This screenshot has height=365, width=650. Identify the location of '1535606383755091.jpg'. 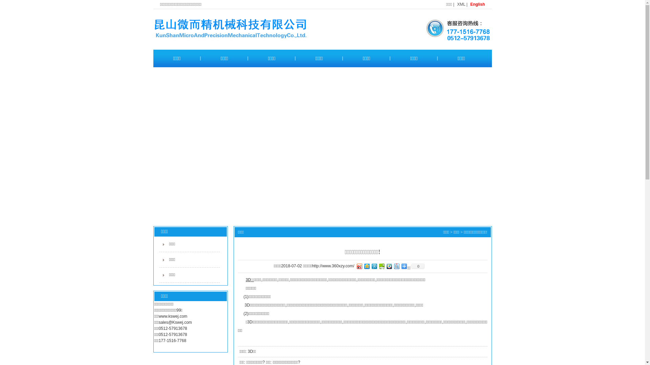
(454, 29).